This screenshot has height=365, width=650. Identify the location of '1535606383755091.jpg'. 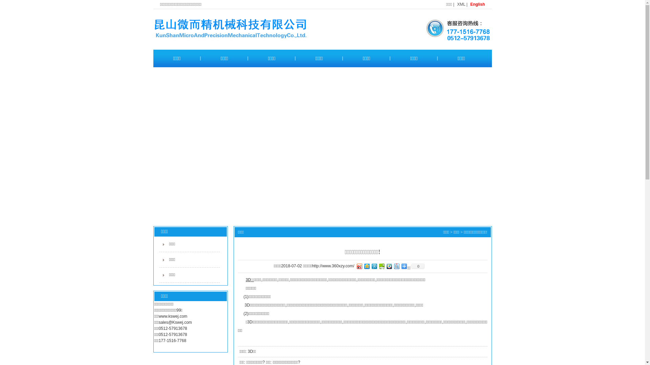
(454, 29).